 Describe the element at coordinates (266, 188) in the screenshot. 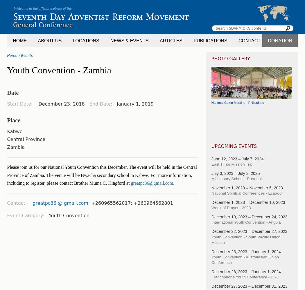

I see `'November 5, 2023'` at that location.